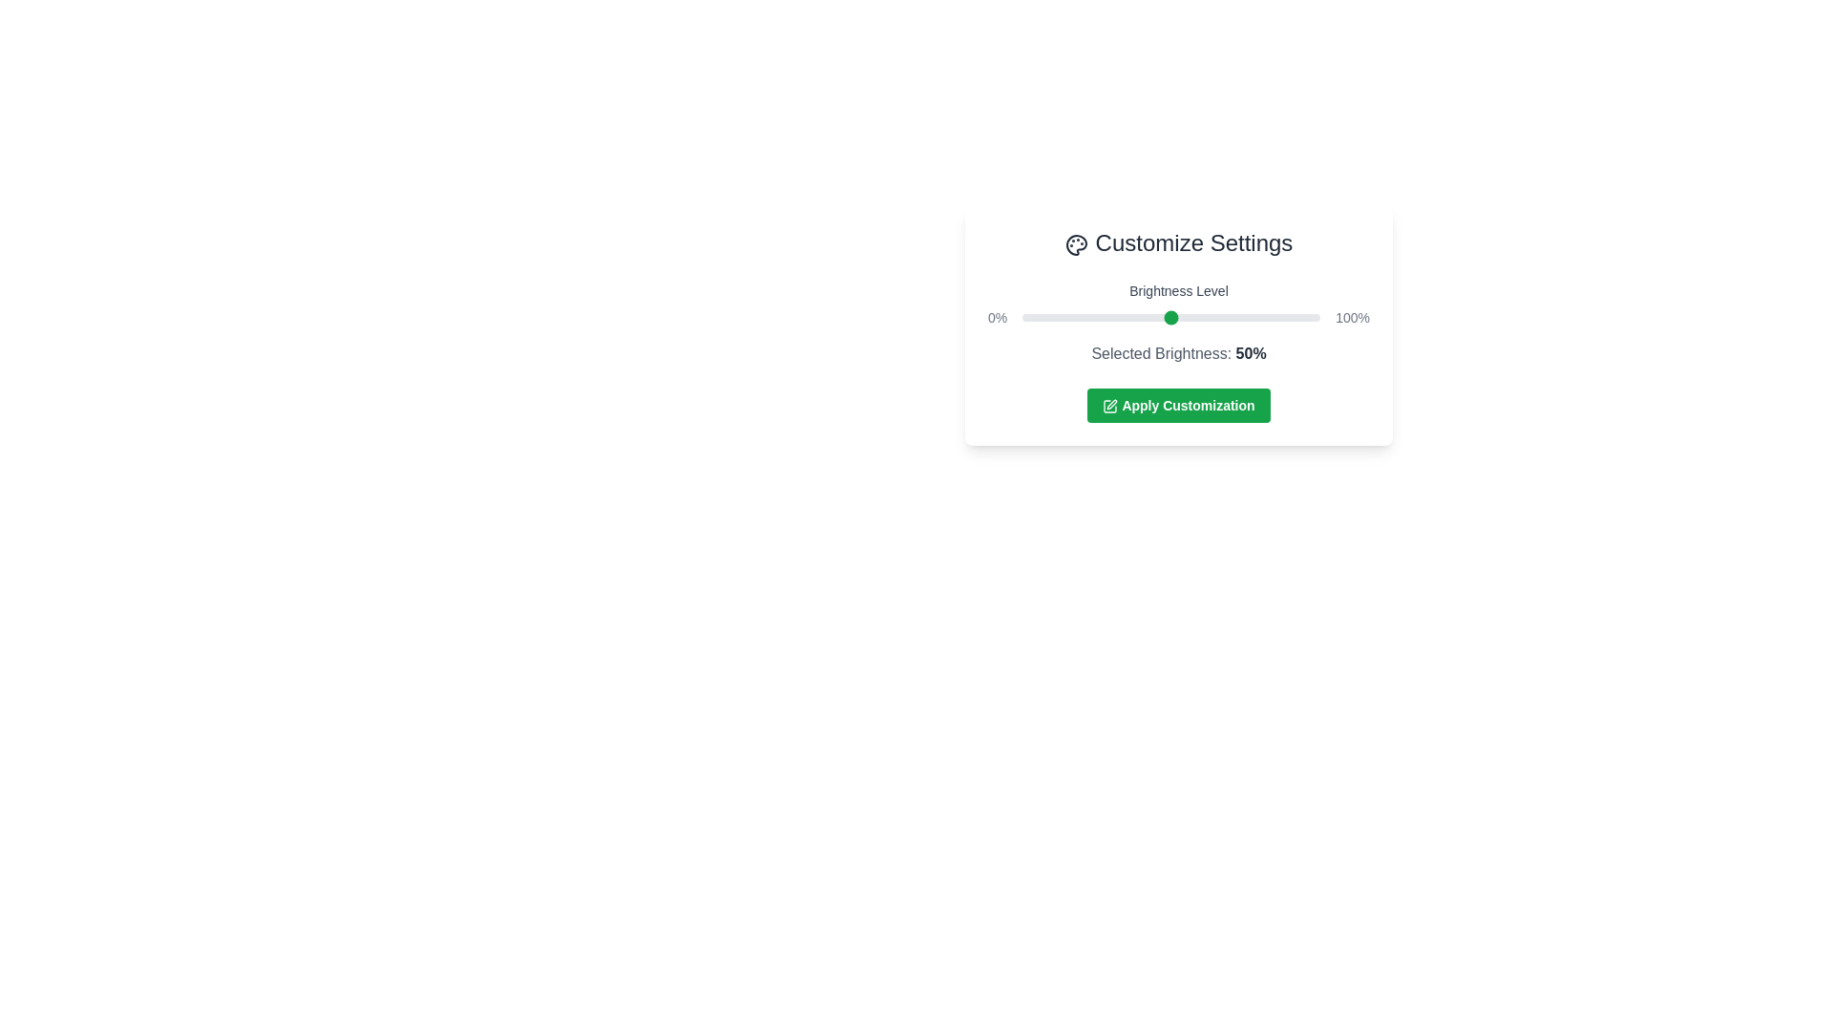 The image size is (1833, 1031). What do you see at coordinates (1252, 316) in the screenshot?
I see `the brightness` at bounding box center [1252, 316].